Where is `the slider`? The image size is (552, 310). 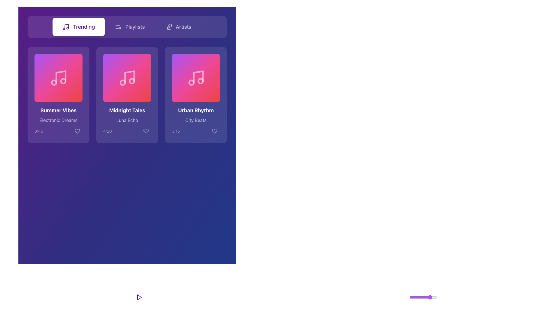
the slider is located at coordinates (426, 297).